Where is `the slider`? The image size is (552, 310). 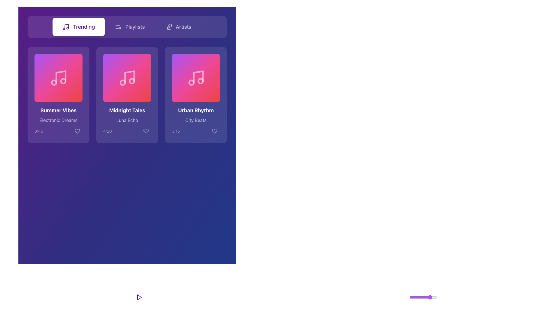
the slider is located at coordinates (426, 297).